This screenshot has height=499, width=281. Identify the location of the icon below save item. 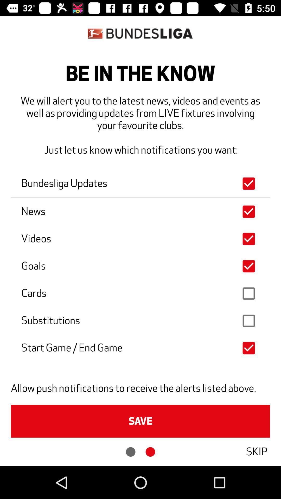
(256, 451).